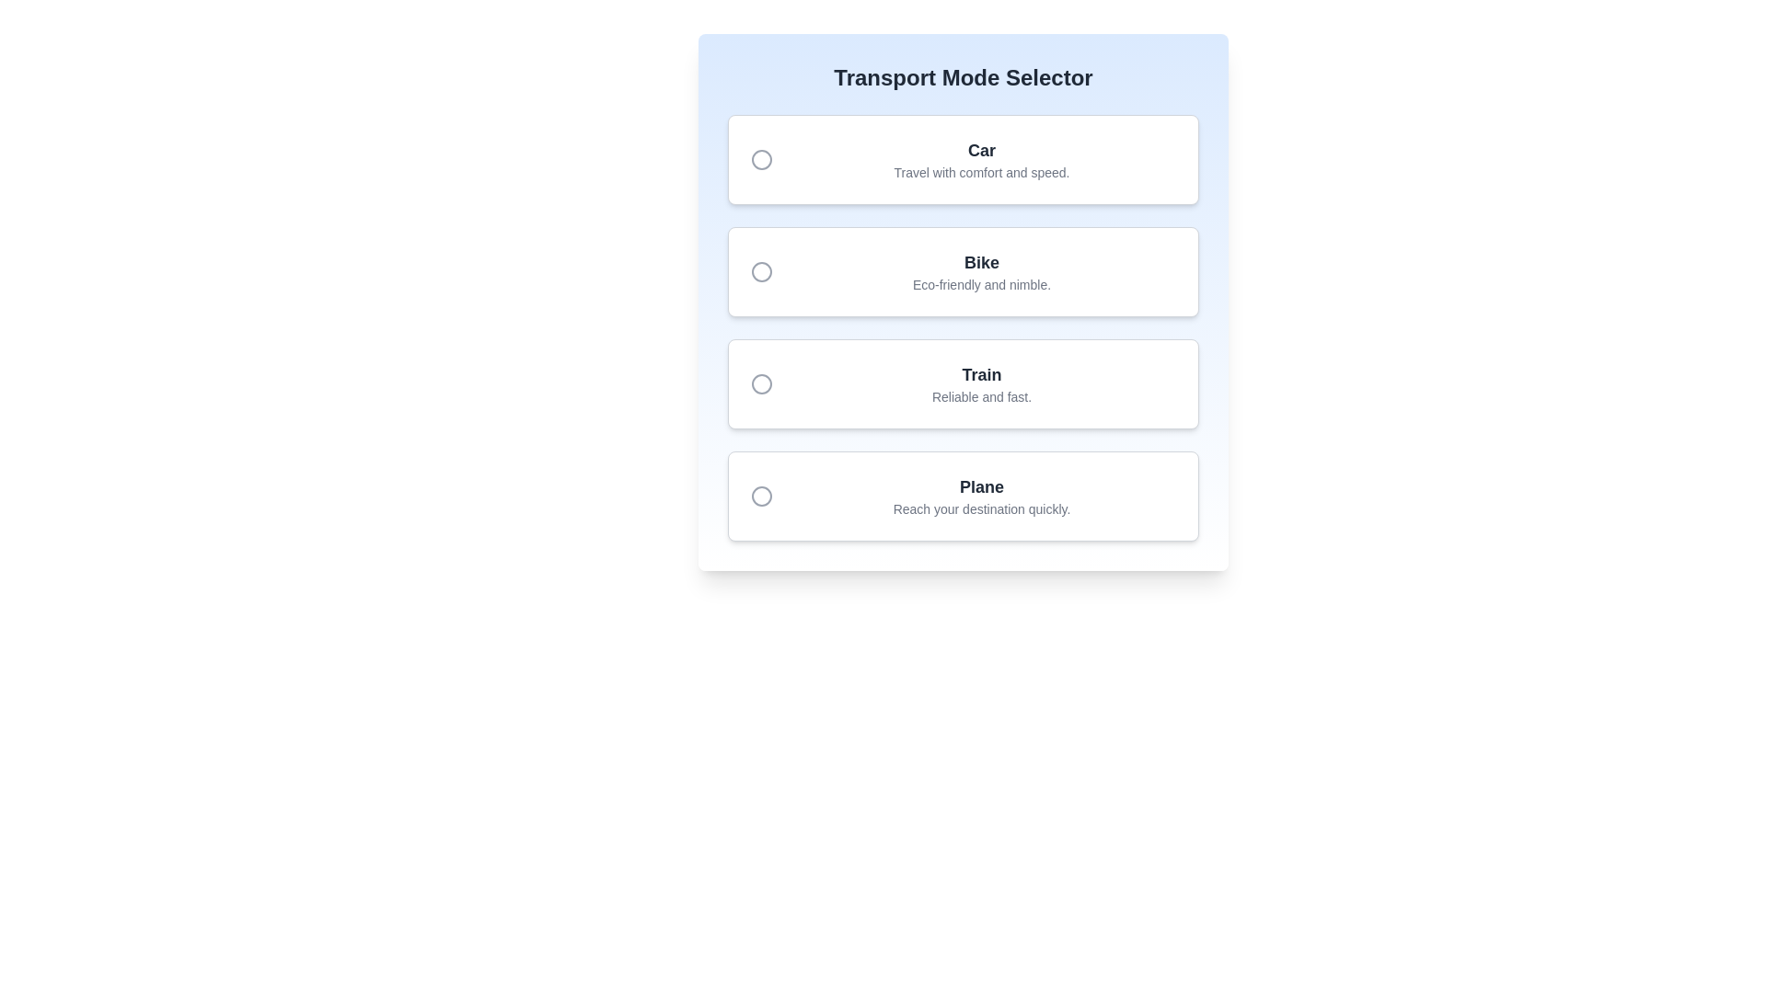 Image resolution: width=1767 pixels, height=993 pixels. Describe the element at coordinates (980, 284) in the screenshot. I see `the descriptive text 'Eco-friendly and nimble.' which is positioned directly below the header text 'Bike' in the 'Transport Mode Selector' interface` at that location.